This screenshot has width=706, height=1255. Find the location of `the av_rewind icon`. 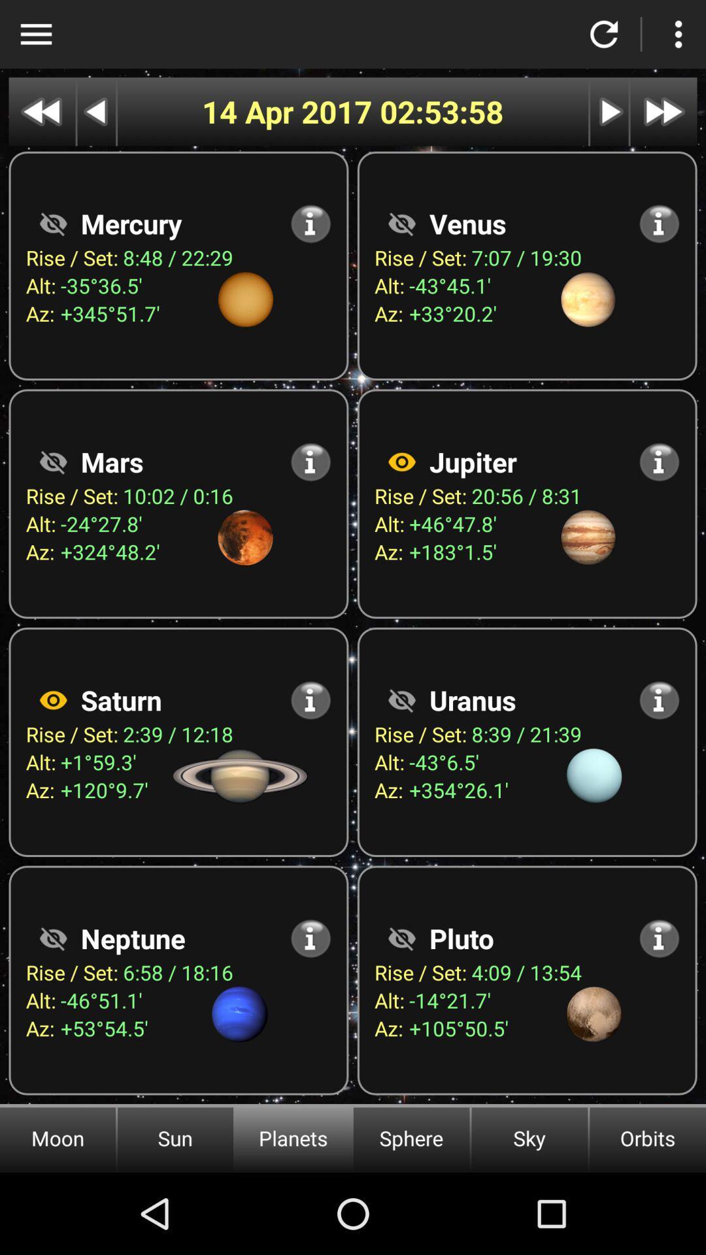

the av_rewind icon is located at coordinates (41, 112).